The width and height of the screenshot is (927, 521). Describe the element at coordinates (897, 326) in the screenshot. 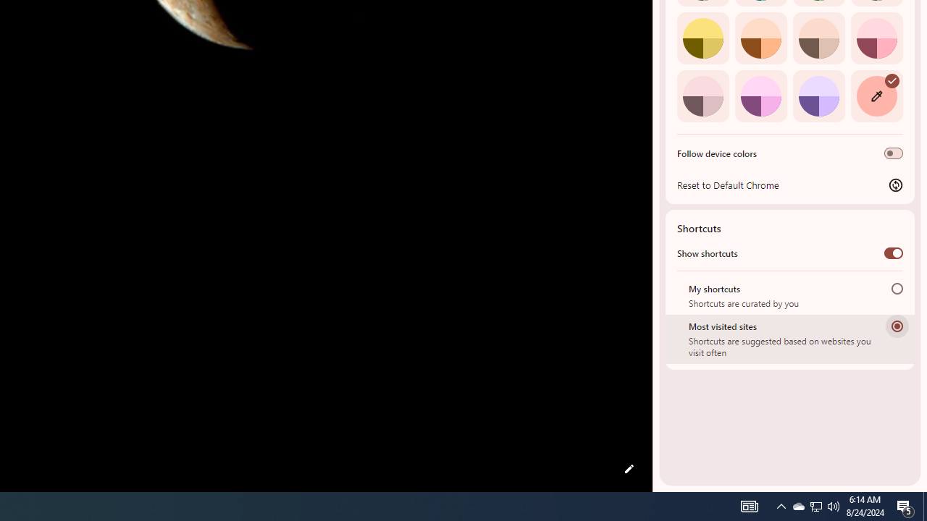

I see `'Most visited sites'` at that location.